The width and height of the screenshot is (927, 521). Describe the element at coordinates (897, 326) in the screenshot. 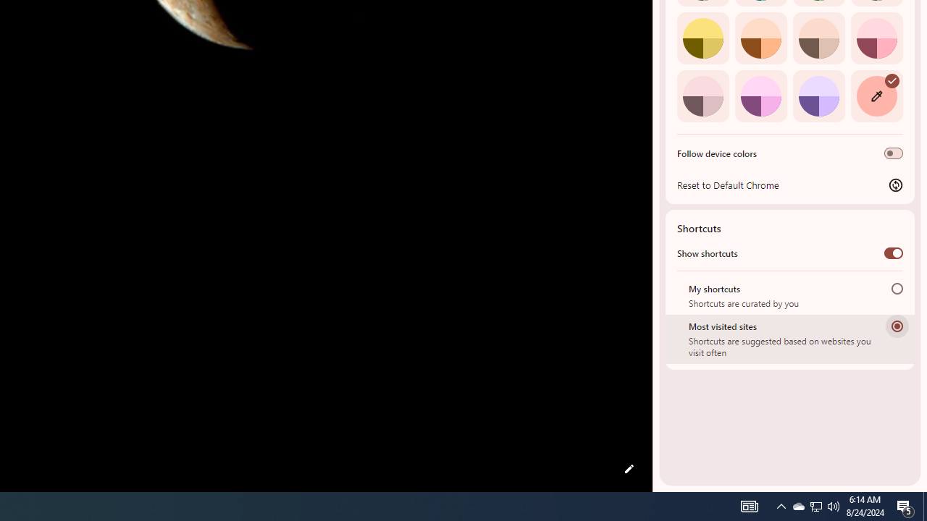

I see `'Most visited sites'` at that location.